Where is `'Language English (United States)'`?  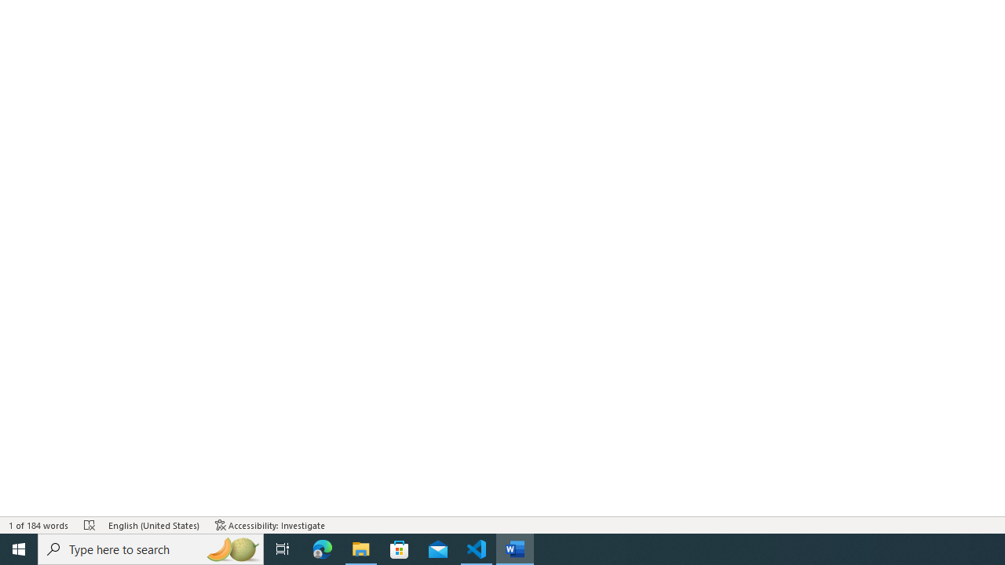
'Language English (United States)' is located at coordinates (154, 525).